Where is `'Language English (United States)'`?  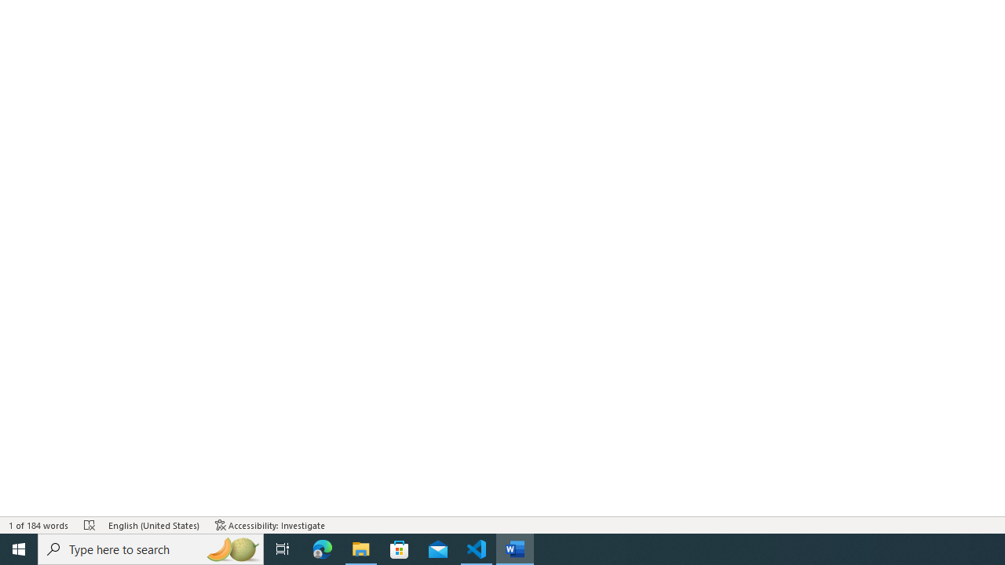
'Language English (United States)' is located at coordinates (154, 525).